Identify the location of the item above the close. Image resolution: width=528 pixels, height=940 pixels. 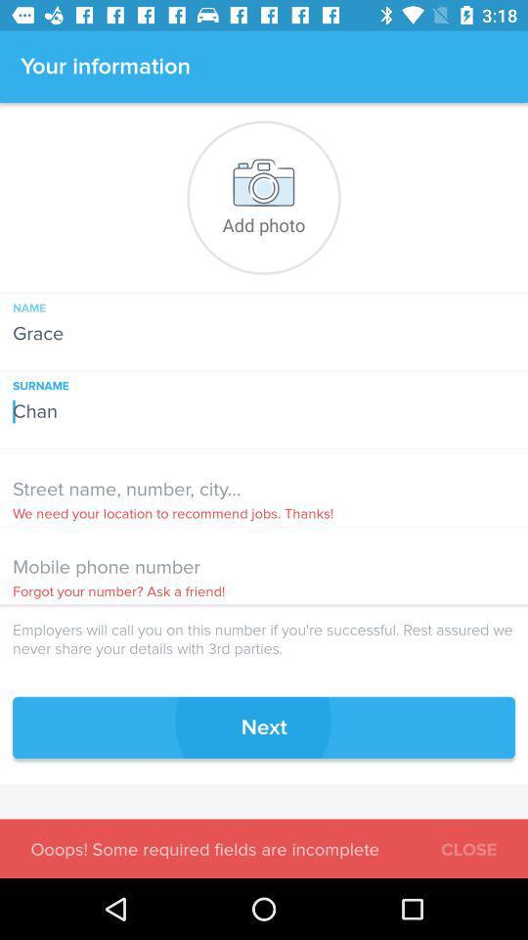
(264, 727).